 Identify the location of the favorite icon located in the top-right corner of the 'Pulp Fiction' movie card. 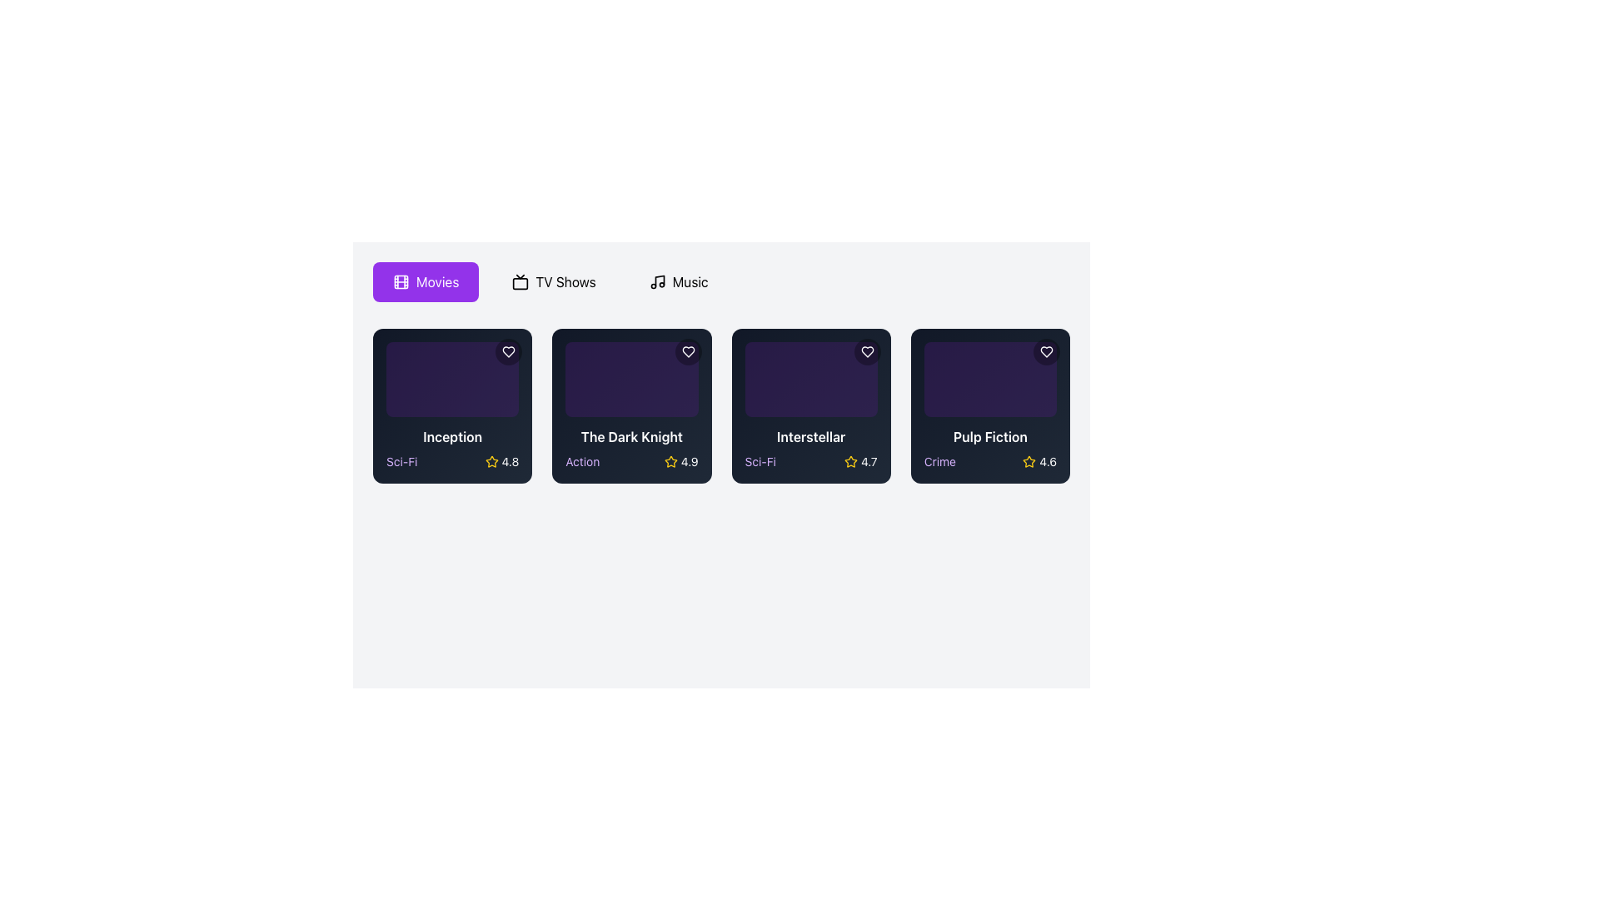
(1046, 351).